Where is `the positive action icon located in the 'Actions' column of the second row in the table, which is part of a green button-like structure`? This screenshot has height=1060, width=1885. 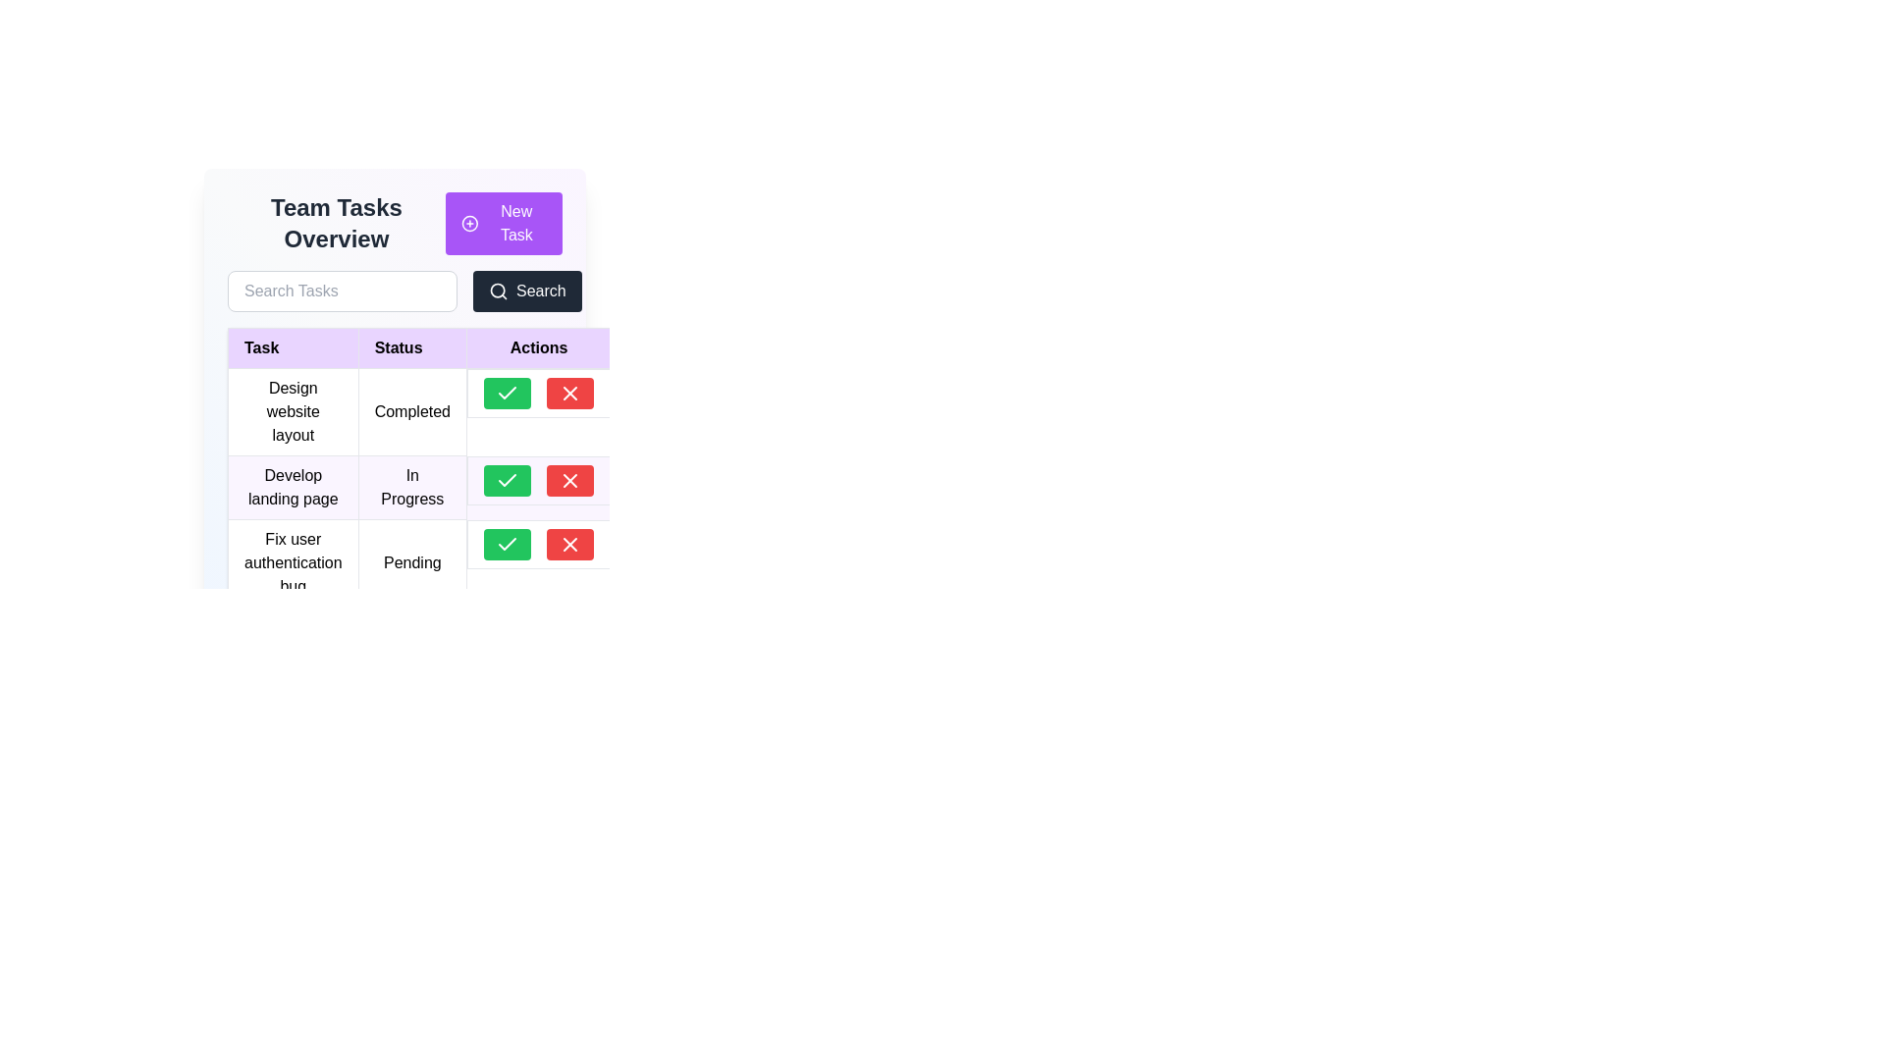
the positive action icon located in the 'Actions' column of the second row in the table, which is part of a green button-like structure is located at coordinates (508, 480).